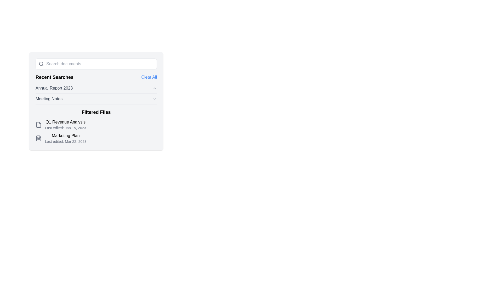 Image resolution: width=502 pixels, height=282 pixels. Describe the element at coordinates (96, 99) in the screenshot. I see `the Dropdown Trigger labeled 'Meeting Notes' in the 'Recent Searches' section` at that location.